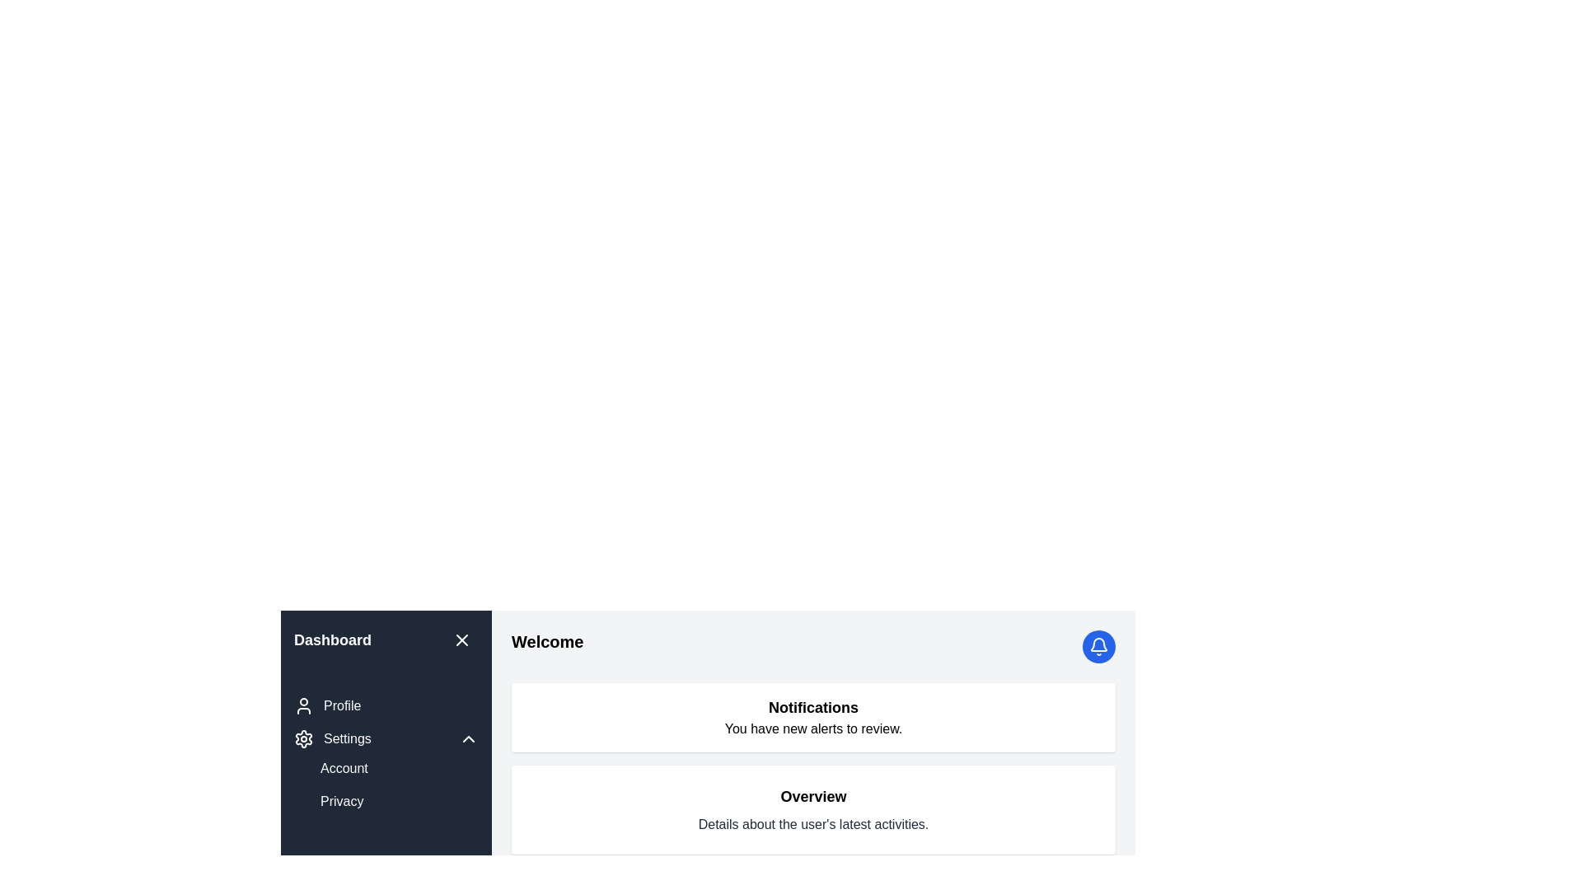  Describe the element at coordinates (340, 800) in the screenshot. I see `the navigation menu button located in the 'Account' section` at that location.